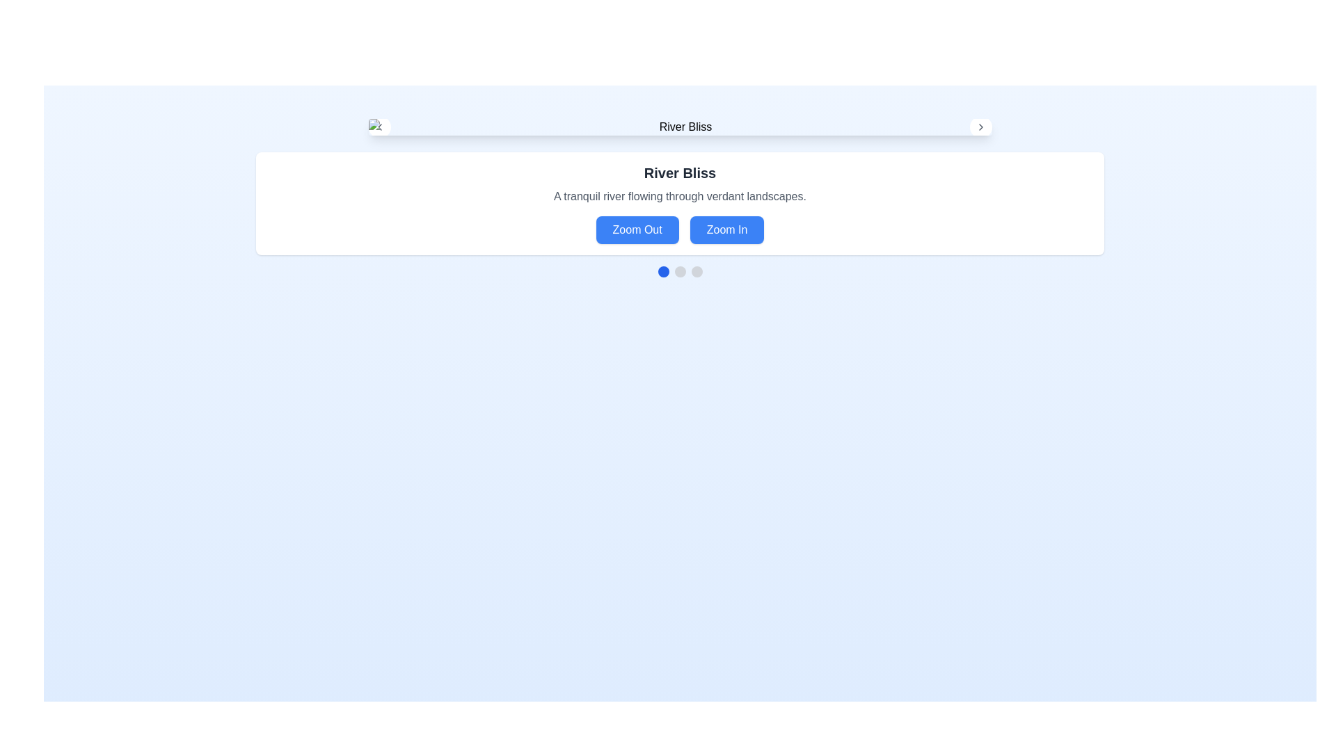 This screenshot has width=1336, height=751. What do you see at coordinates (726, 229) in the screenshot?
I see `the 'Zoom In' button located to the right of the 'Zoom Out' button` at bounding box center [726, 229].